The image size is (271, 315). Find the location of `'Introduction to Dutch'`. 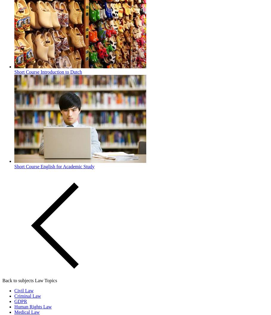

'Introduction to Dutch' is located at coordinates (61, 71).